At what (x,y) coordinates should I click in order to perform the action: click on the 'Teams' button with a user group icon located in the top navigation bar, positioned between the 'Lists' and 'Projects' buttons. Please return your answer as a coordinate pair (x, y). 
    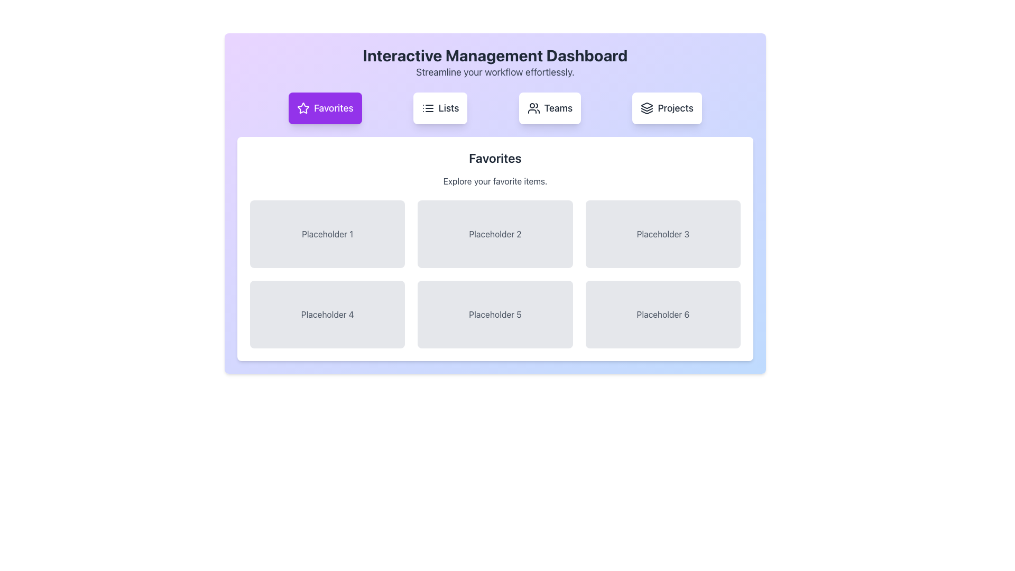
    Looking at the image, I should click on (550, 108).